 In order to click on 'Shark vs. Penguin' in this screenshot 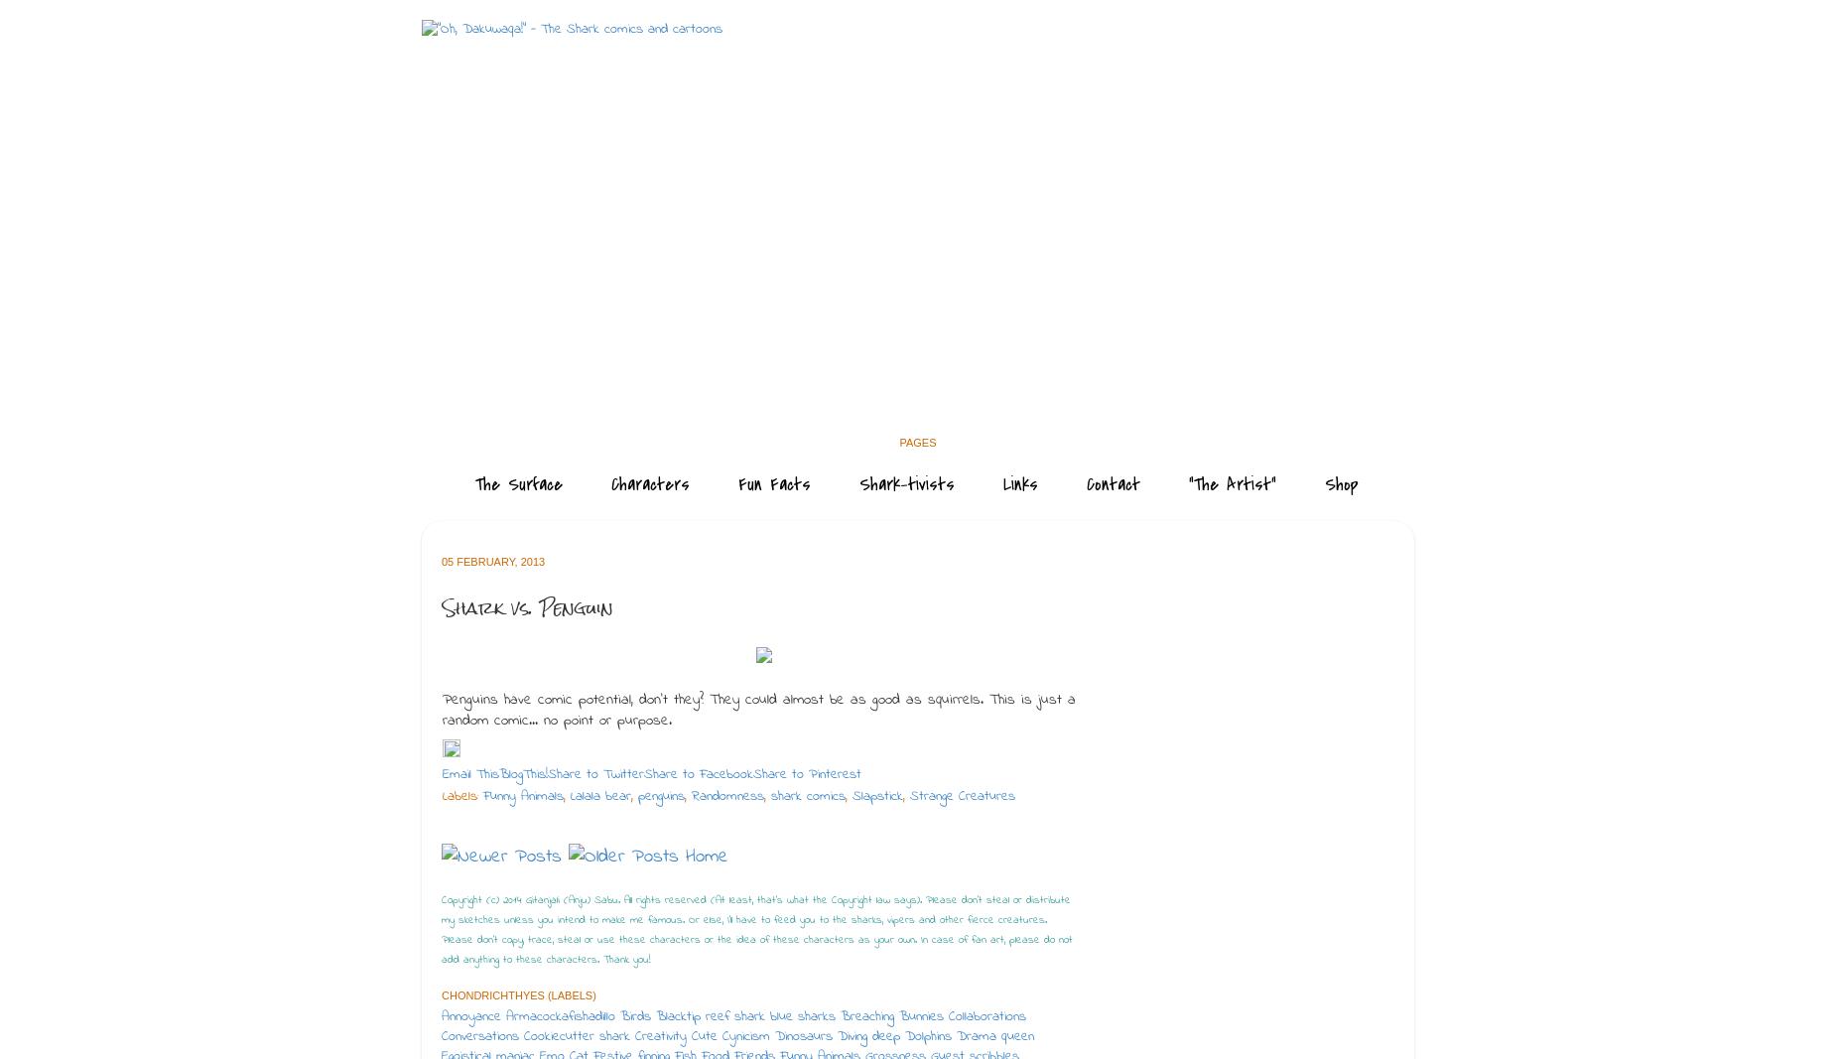, I will do `click(528, 606)`.